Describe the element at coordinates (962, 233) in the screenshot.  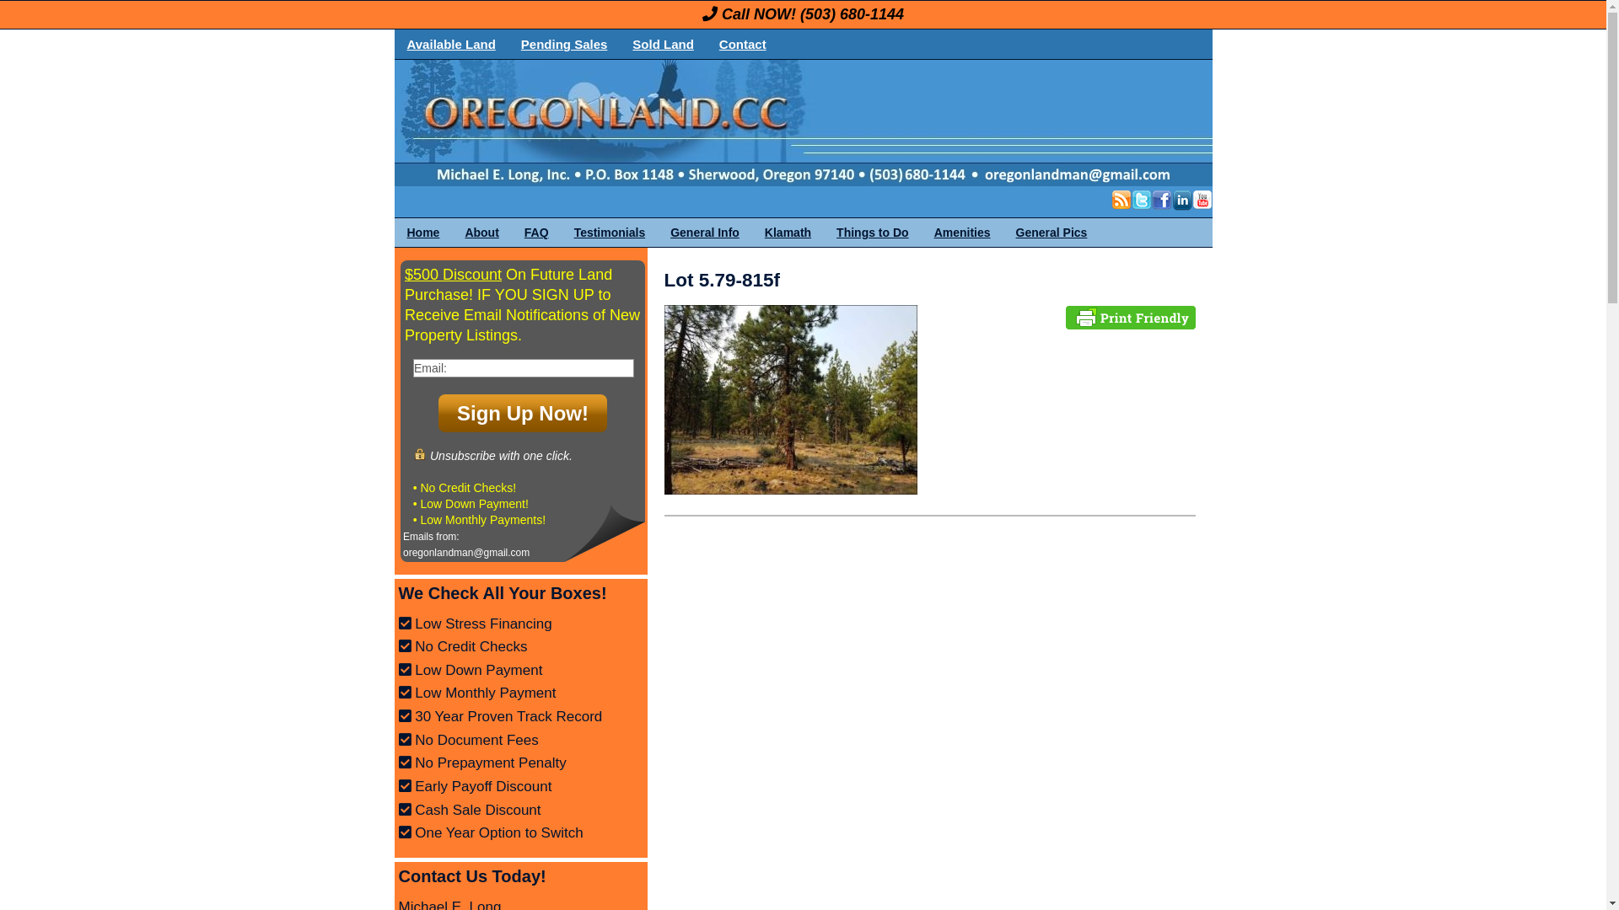
I see `'Amenities'` at that location.